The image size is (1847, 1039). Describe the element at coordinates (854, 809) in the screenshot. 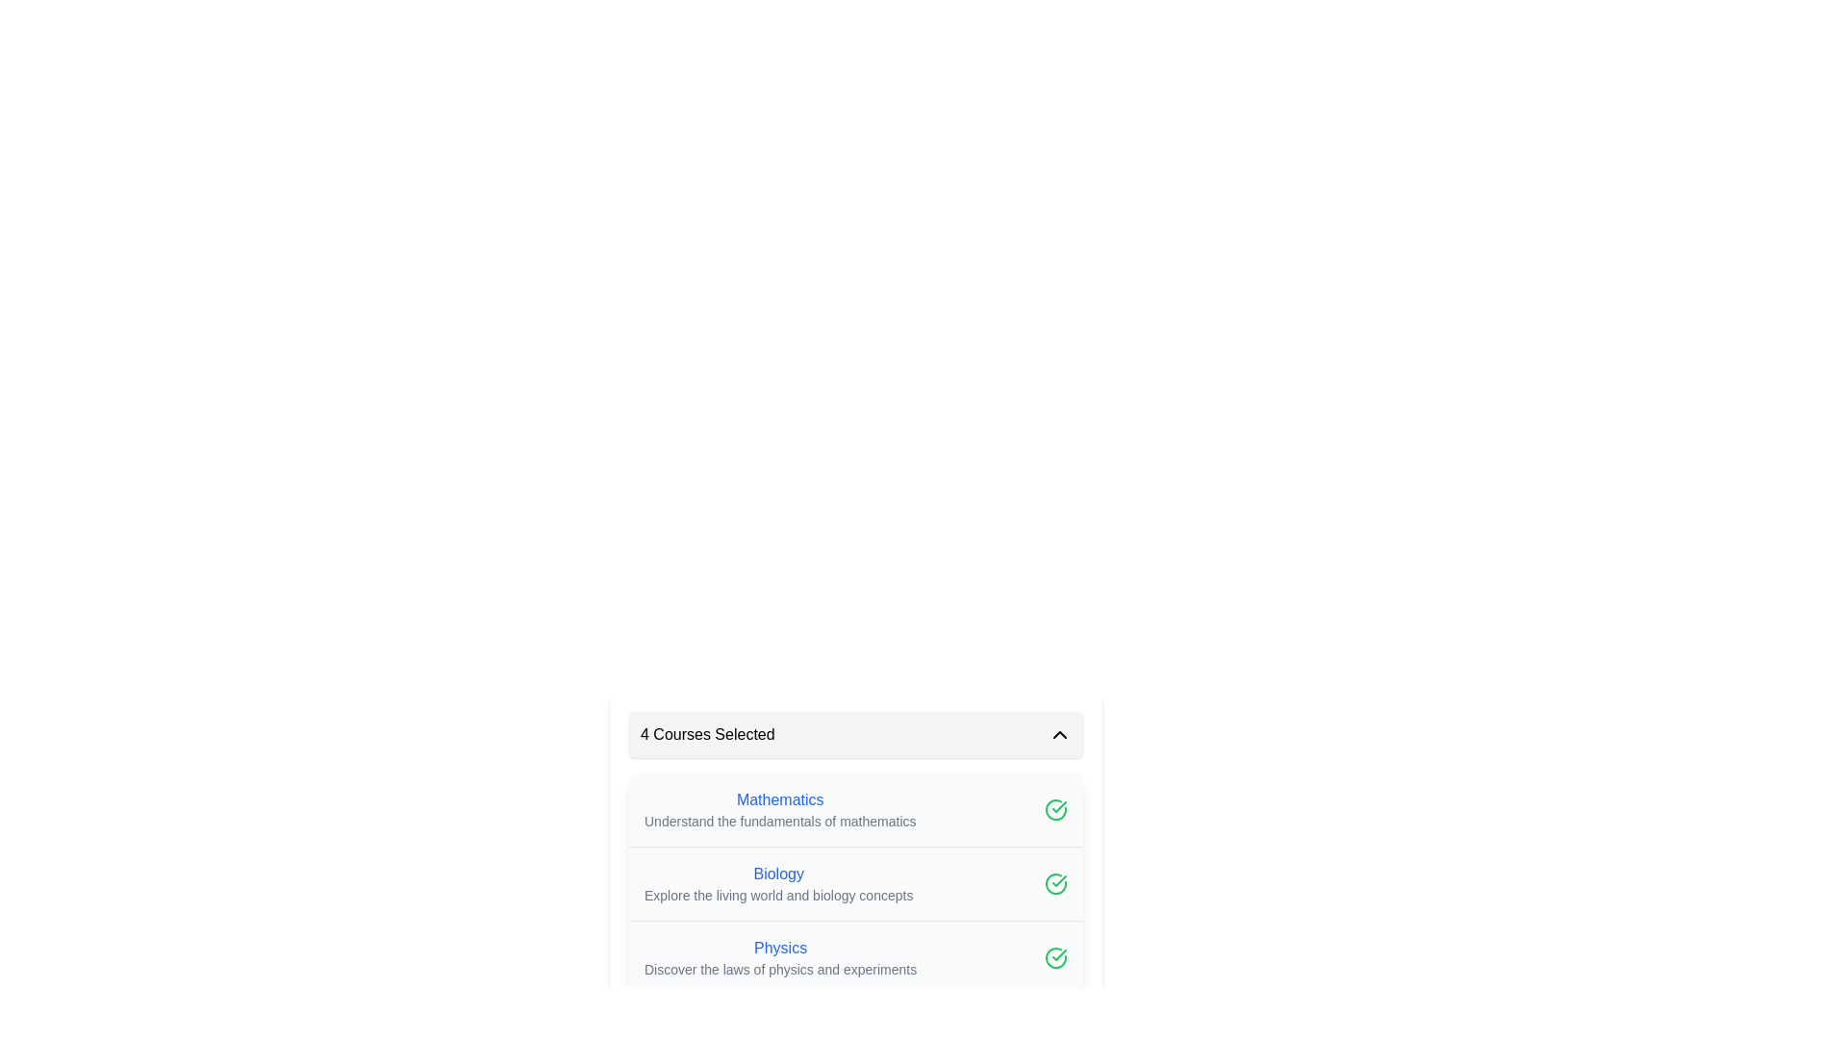

I see `the green check icon to deselect the course titled 'Mathematics' in the list of selected courses` at that location.